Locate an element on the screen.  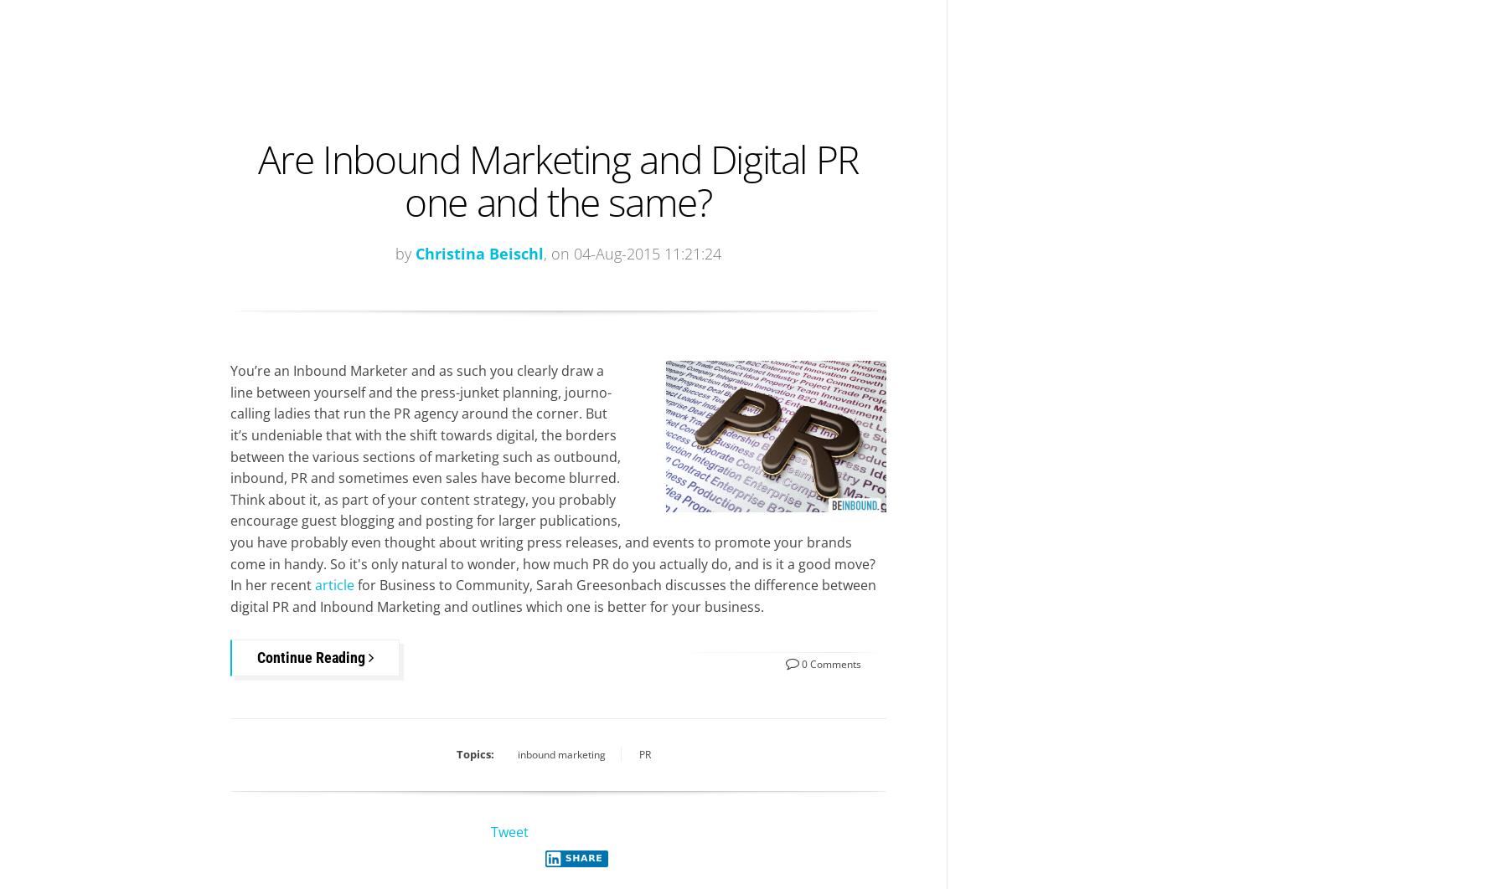
'Tweet' is located at coordinates (509, 830).